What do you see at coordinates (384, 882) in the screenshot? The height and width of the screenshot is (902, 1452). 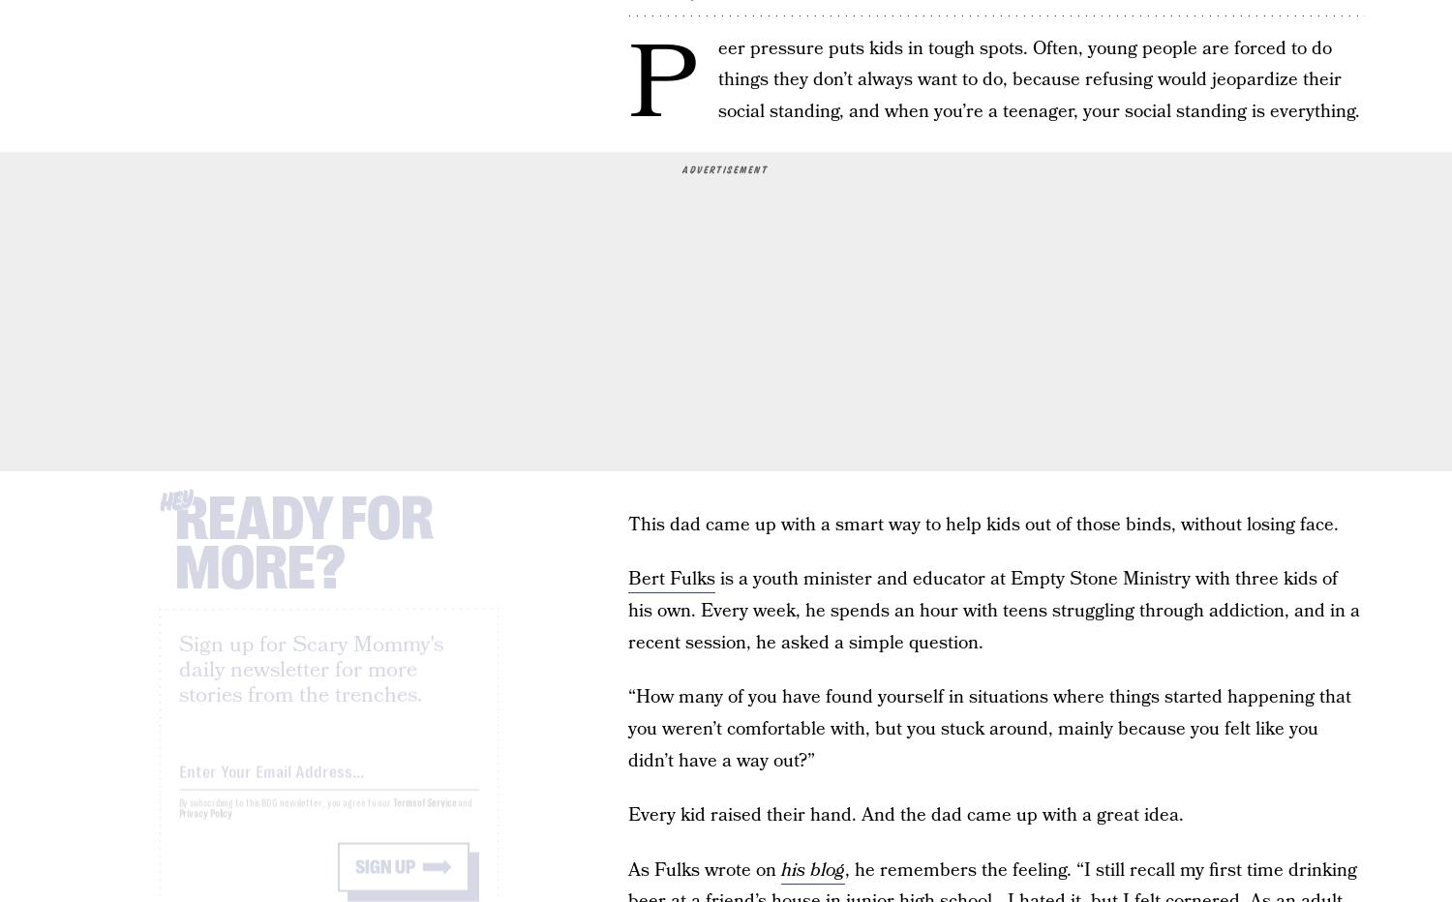 I see `'Sign up'` at bounding box center [384, 882].